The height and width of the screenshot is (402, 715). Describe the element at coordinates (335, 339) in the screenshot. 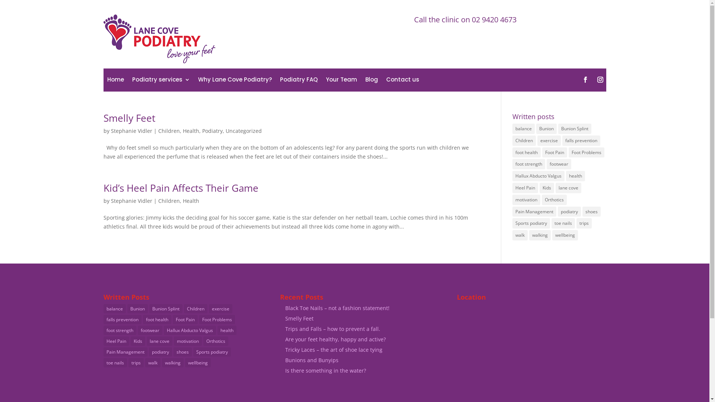

I see `'Are your feet healthy, happy and active?'` at that location.